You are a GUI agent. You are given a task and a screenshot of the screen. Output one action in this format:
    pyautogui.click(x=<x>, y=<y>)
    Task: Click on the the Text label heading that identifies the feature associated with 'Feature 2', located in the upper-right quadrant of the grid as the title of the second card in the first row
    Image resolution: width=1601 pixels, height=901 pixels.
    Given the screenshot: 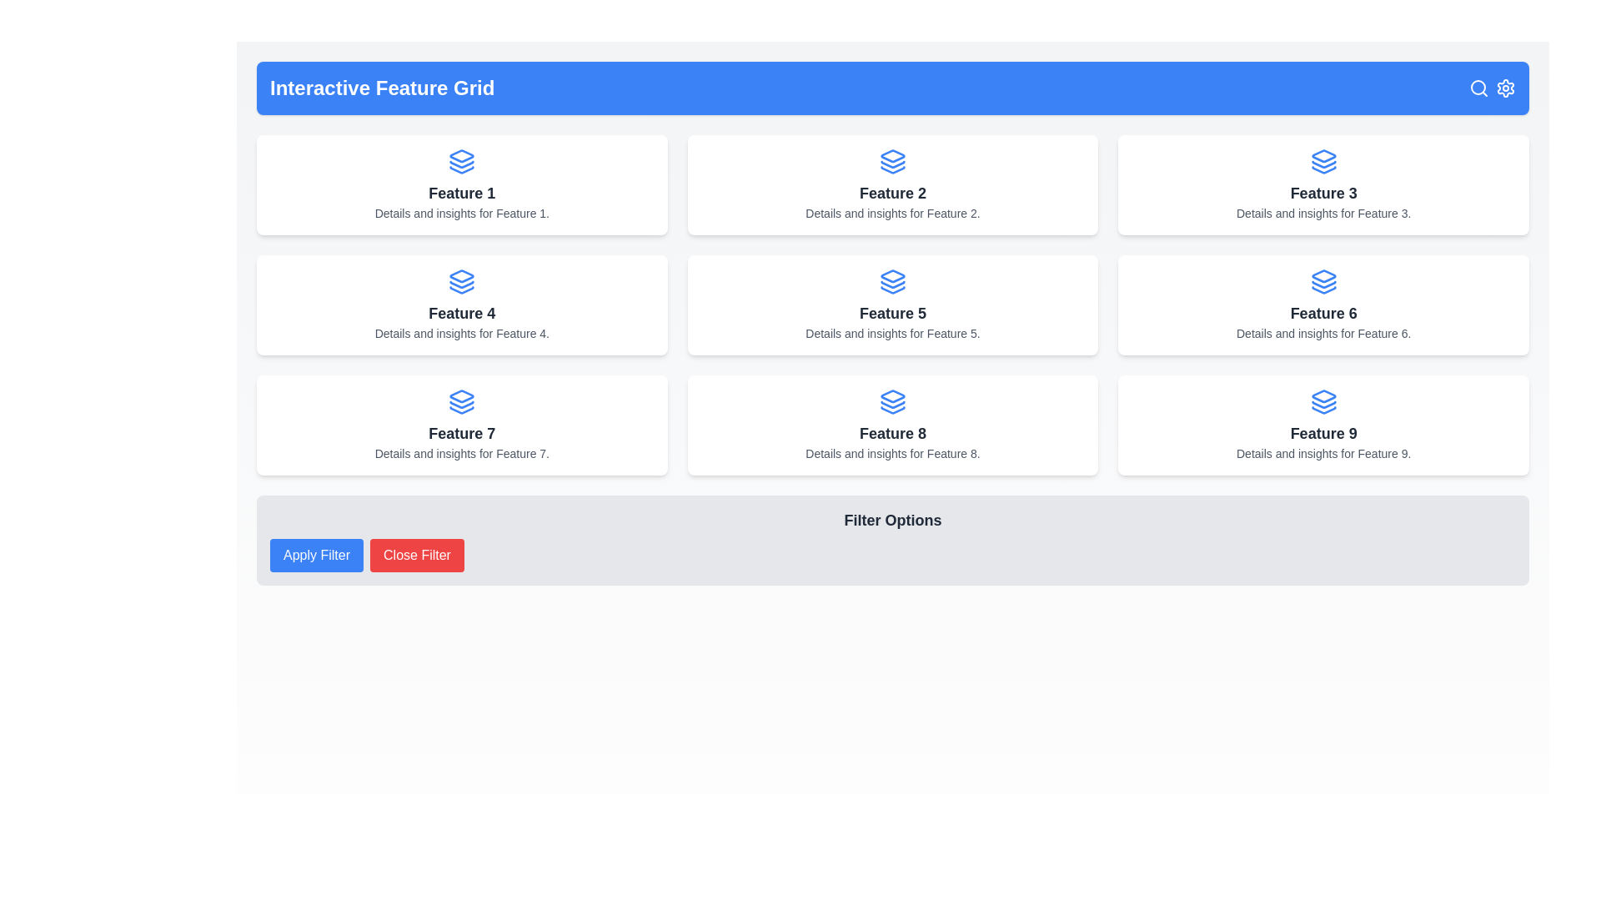 What is the action you would take?
    pyautogui.click(x=891, y=192)
    